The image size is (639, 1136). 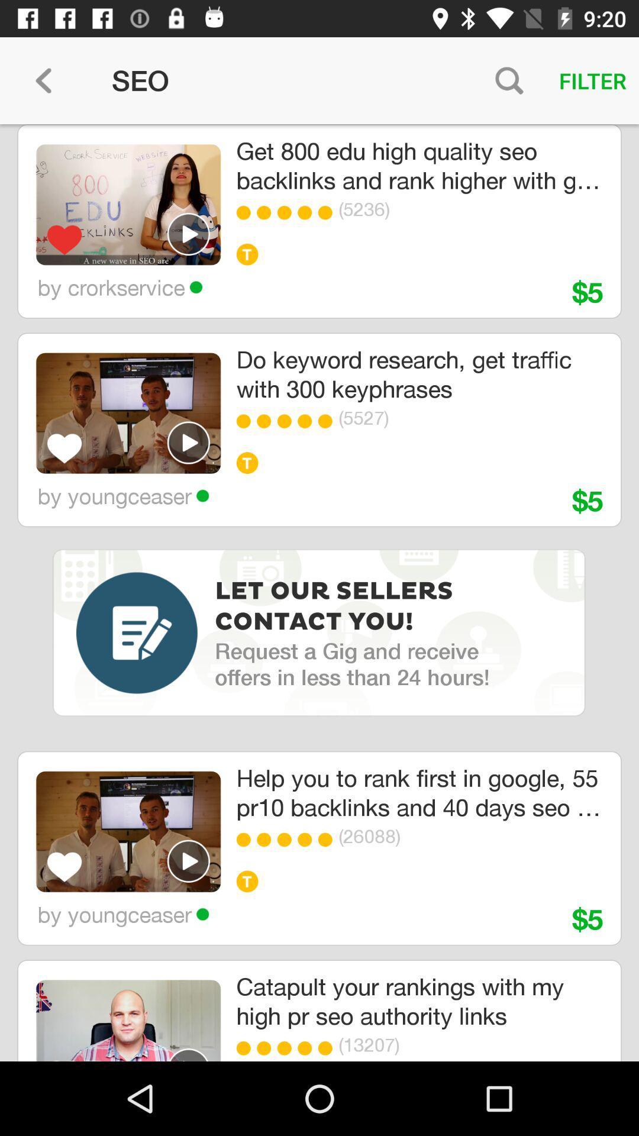 I want to click on video, so click(x=188, y=234).